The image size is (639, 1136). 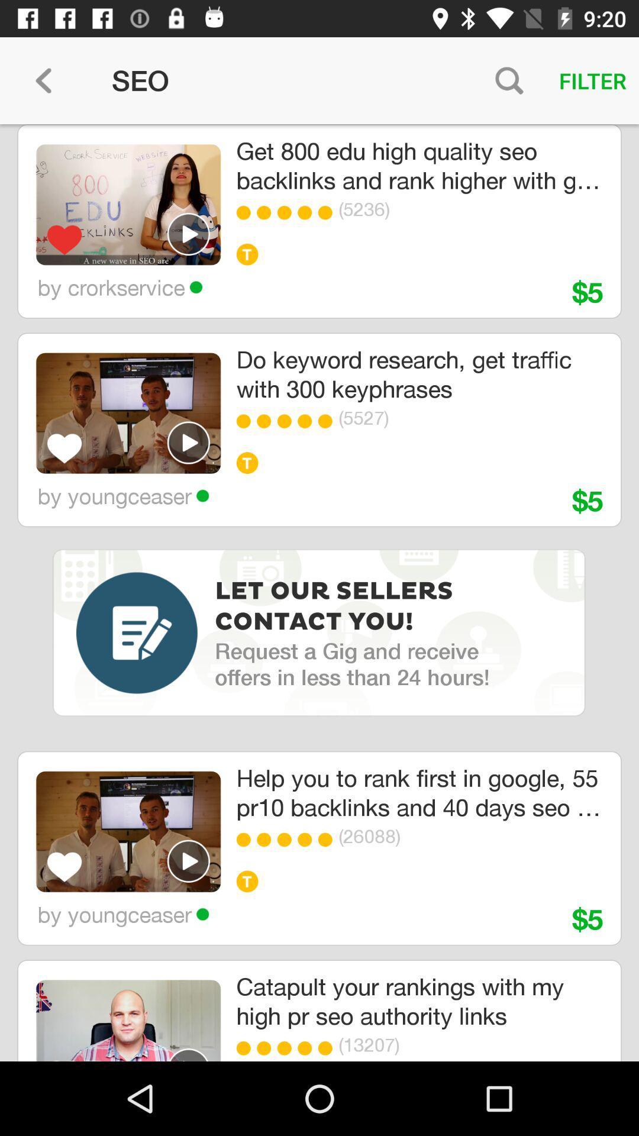 I want to click on video, so click(x=188, y=234).